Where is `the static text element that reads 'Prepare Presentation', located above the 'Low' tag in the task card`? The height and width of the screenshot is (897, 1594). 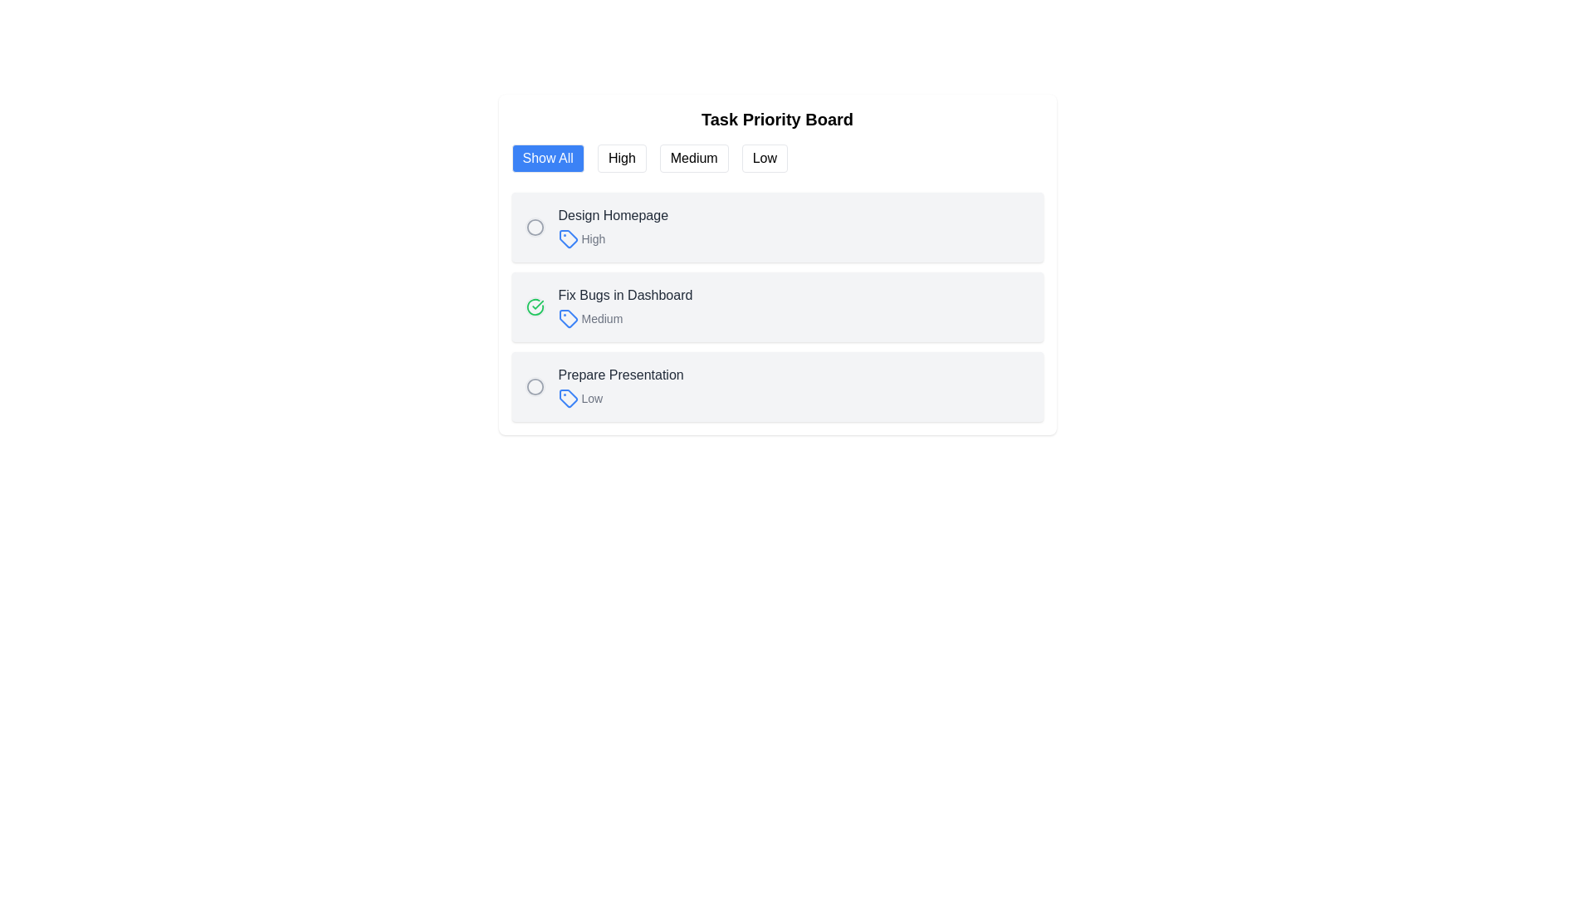 the static text element that reads 'Prepare Presentation', located above the 'Low' tag in the task card is located at coordinates (620, 375).